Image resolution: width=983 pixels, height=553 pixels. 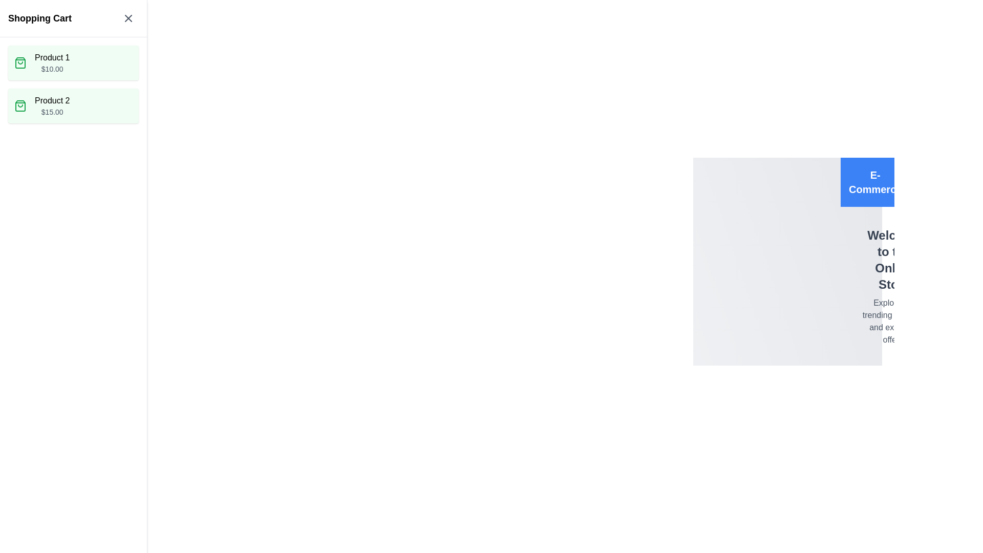 What do you see at coordinates (52, 100) in the screenshot?
I see `text label displaying the name or title of 'Product 2' in the shopping cart interface, located above the price label '$15.00'` at bounding box center [52, 100].